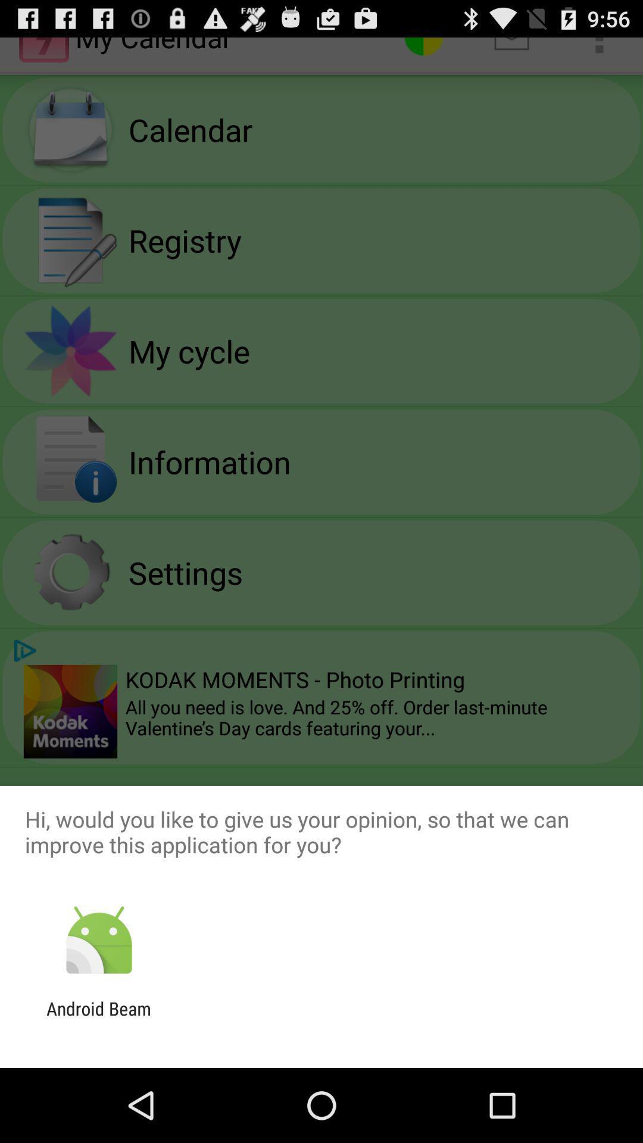 The image size is (643, 1143). I want to click on android beam, so click(98, 1019).